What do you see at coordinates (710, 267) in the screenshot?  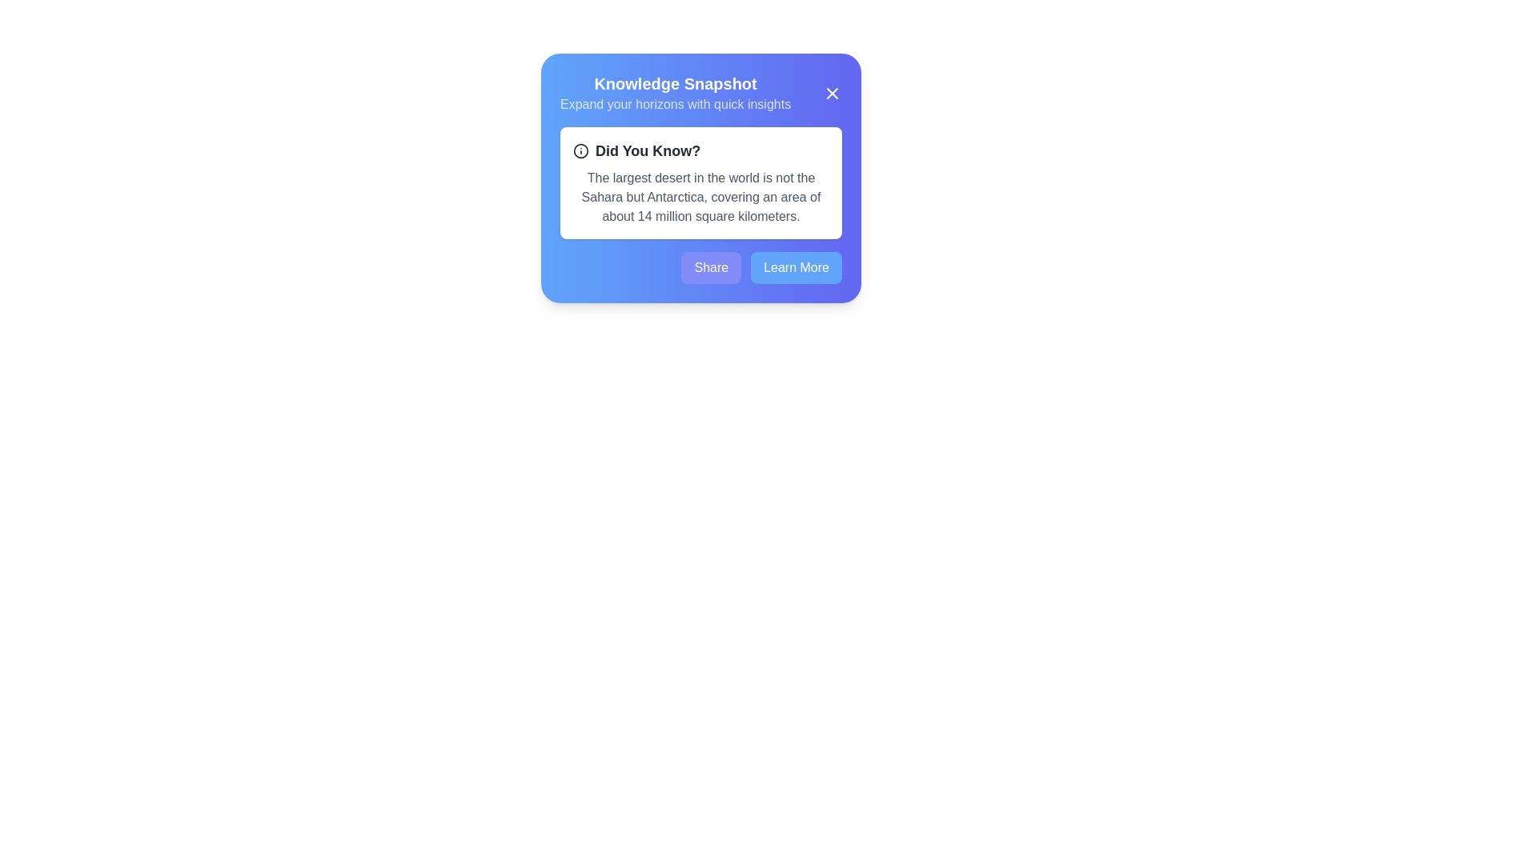 I see `the share button located at the bottom-right of the Knowledge Snapshot dialog box, to the left of the 'Learn More' button to initiate sharing` at bounding box center [710, 267].